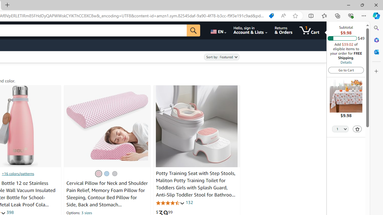 This screenshot has width=383, height=215. Describe the element at coordinates (346, 62) in the screenshot. I see `'Details'` at that location.